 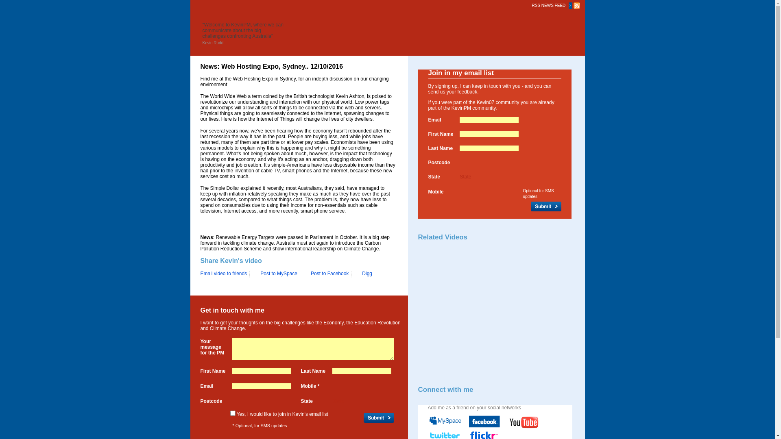 I want to click on 'Digg', so click(x=363, y=274).